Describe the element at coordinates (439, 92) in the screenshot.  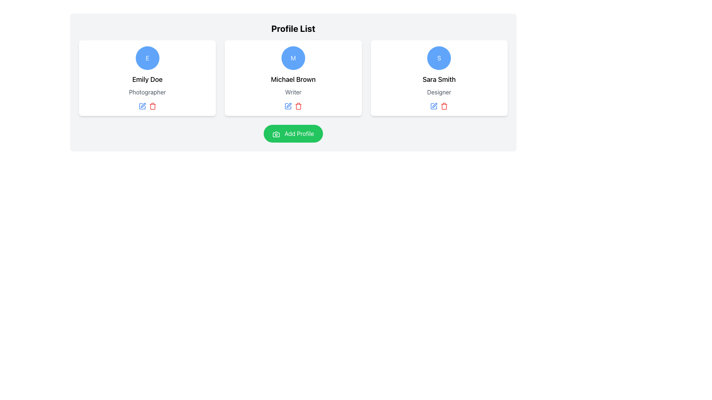
I see `the static text label indicating the job title 'Designer' for the profile of 'Sara Smith', located in the lower middle section of the profile card beneath the name label` at that location.